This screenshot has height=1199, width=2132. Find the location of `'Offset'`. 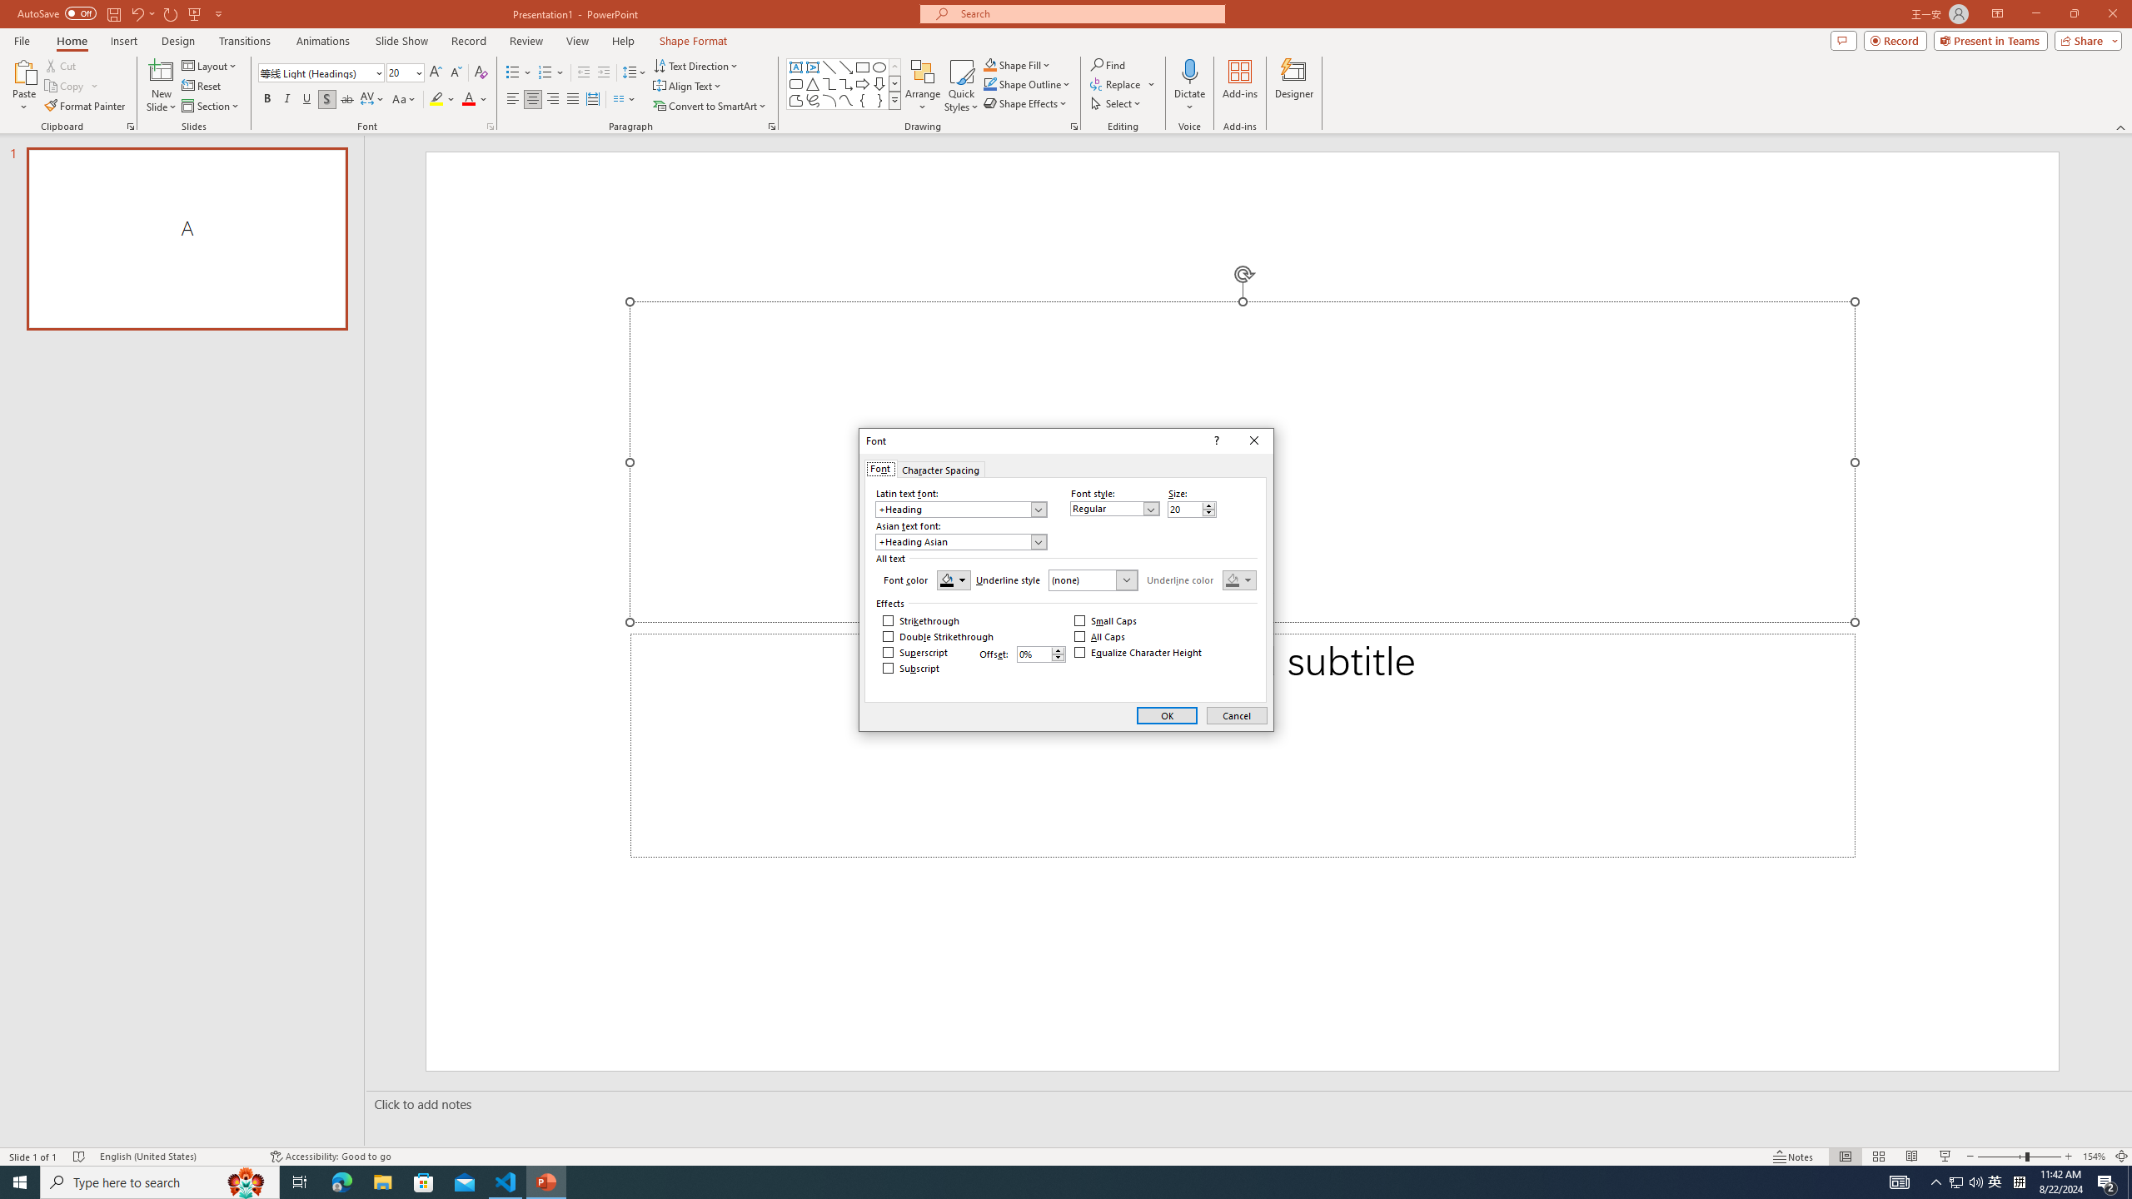

'Offset' is located at coordinates (1041, 654).